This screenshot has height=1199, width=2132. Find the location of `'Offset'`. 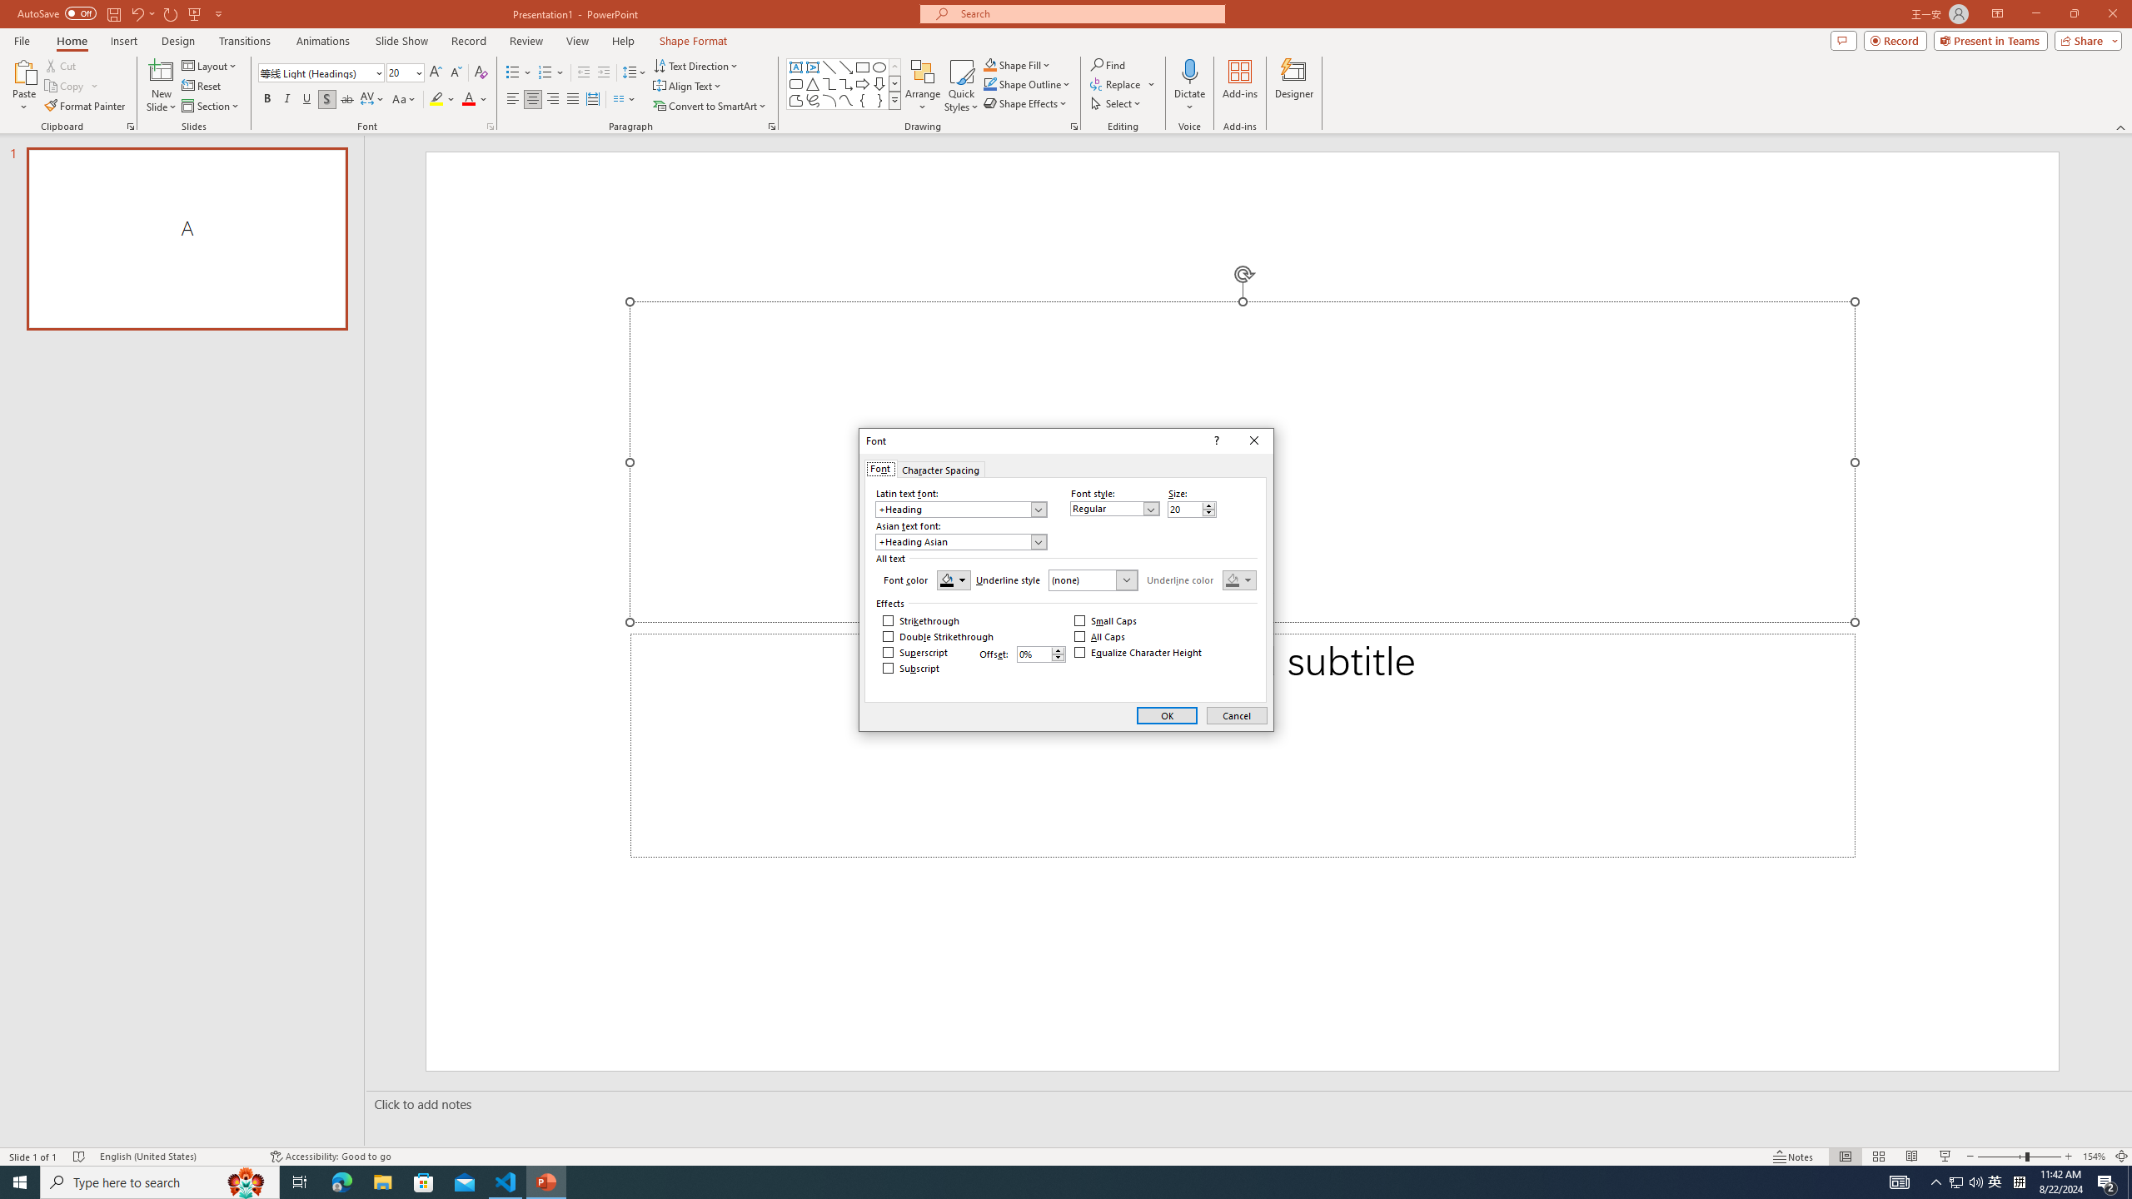

'Offset' is located at coordinates (1041, 654).